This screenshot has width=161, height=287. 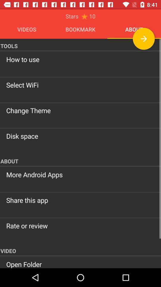 What do you see at coordinates (143, 38) in the screenshot?
I see `the item next to the bookmark item` at bounding box center [143, 38].